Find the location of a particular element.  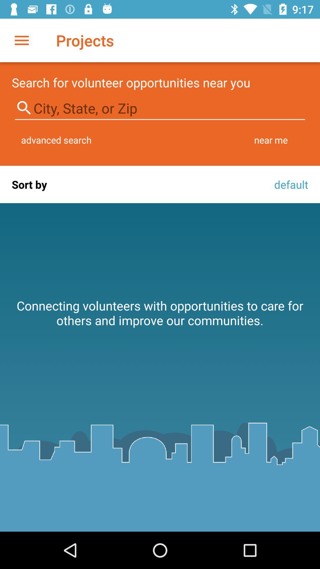

icon next to the sort by item is located at coordinates (289, 184).